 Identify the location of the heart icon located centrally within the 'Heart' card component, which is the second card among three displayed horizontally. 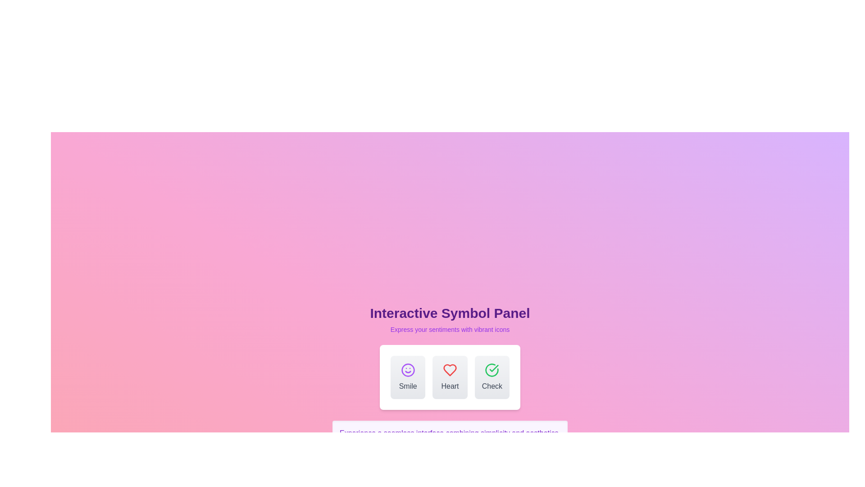
(450, 370).